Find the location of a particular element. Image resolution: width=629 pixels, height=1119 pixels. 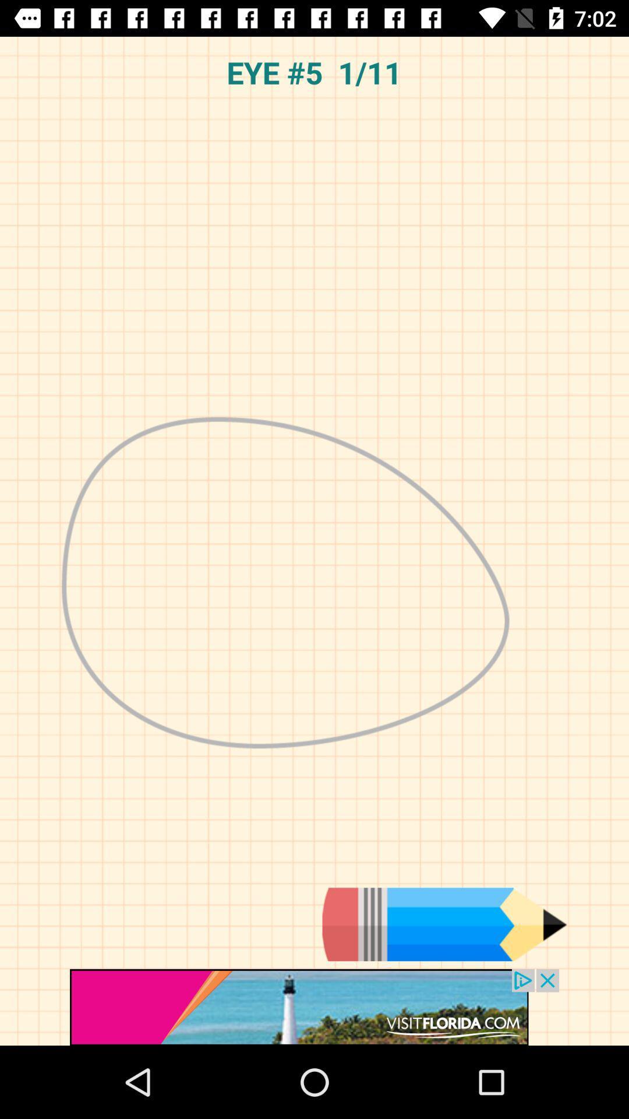

edit is located at coordinates (444, 924).